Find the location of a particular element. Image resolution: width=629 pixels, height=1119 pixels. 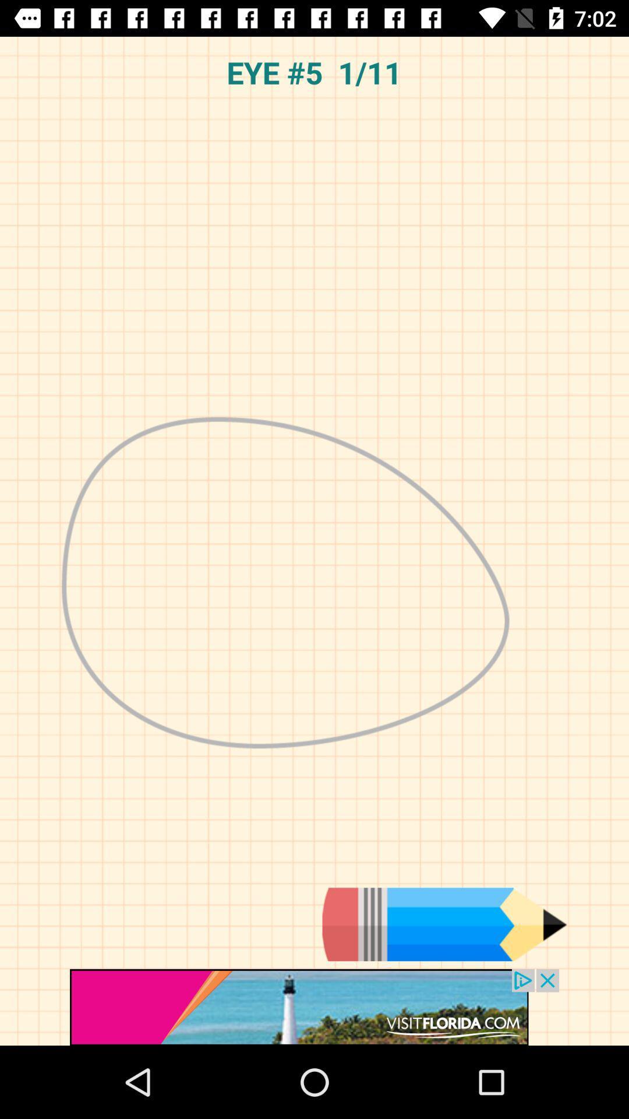

edit is located at coordinates (444, 924).